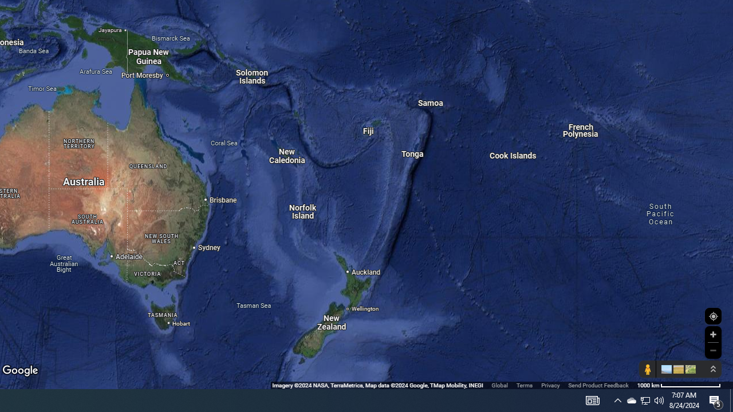 The width and height of the screenshot is (733, 412). I want to click on '1000 km', so click(679, 385).